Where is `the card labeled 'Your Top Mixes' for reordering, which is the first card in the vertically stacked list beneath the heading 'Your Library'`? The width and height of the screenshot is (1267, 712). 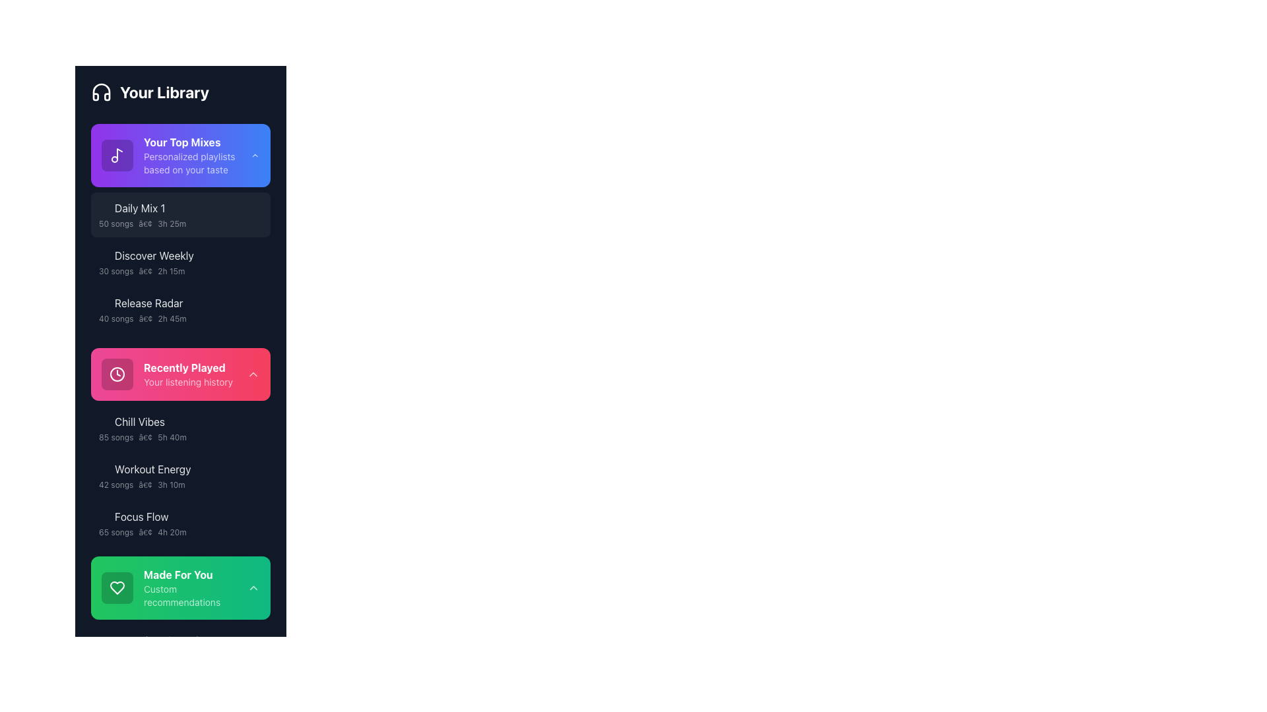
the card labeled 'Your Top Mixes' for reordering, which is the first card in the vertically stacked list beneath the heading 'Your Library' is located at coordinates (179, 154).